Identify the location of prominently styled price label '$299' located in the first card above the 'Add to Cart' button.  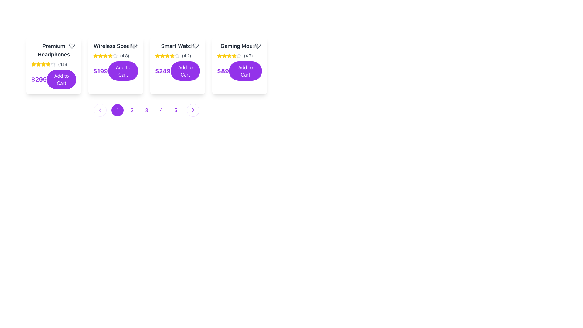
(39, 79).